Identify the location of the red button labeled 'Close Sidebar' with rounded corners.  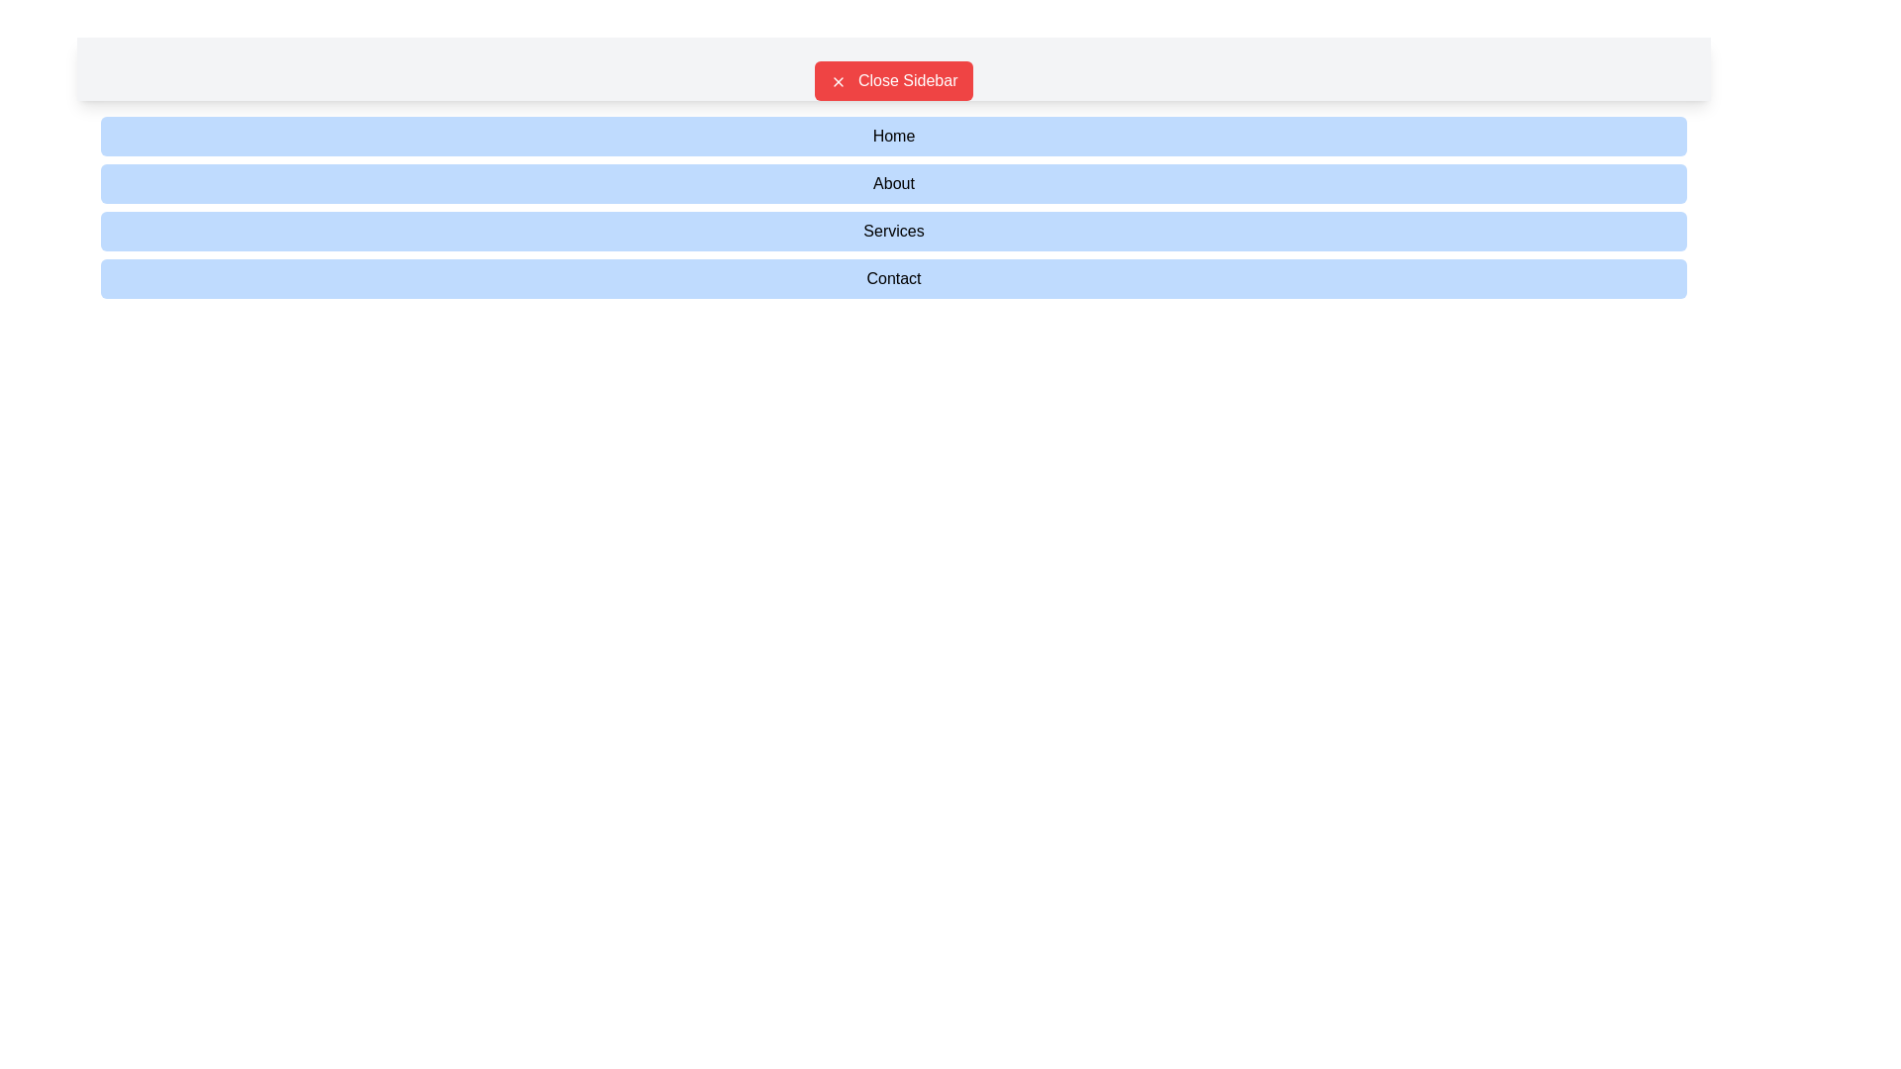
(892, 67).